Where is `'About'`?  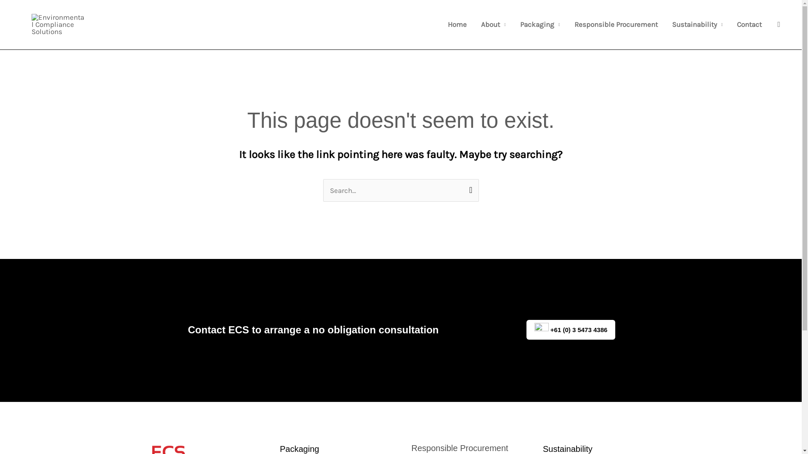
'About' is located at coordinates (493, 24).